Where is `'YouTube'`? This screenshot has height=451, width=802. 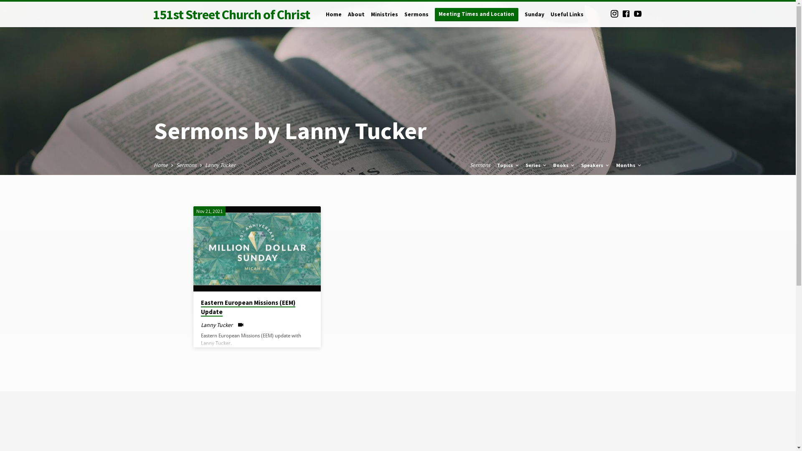
'YouTube' is located at coordinates (637, 14).